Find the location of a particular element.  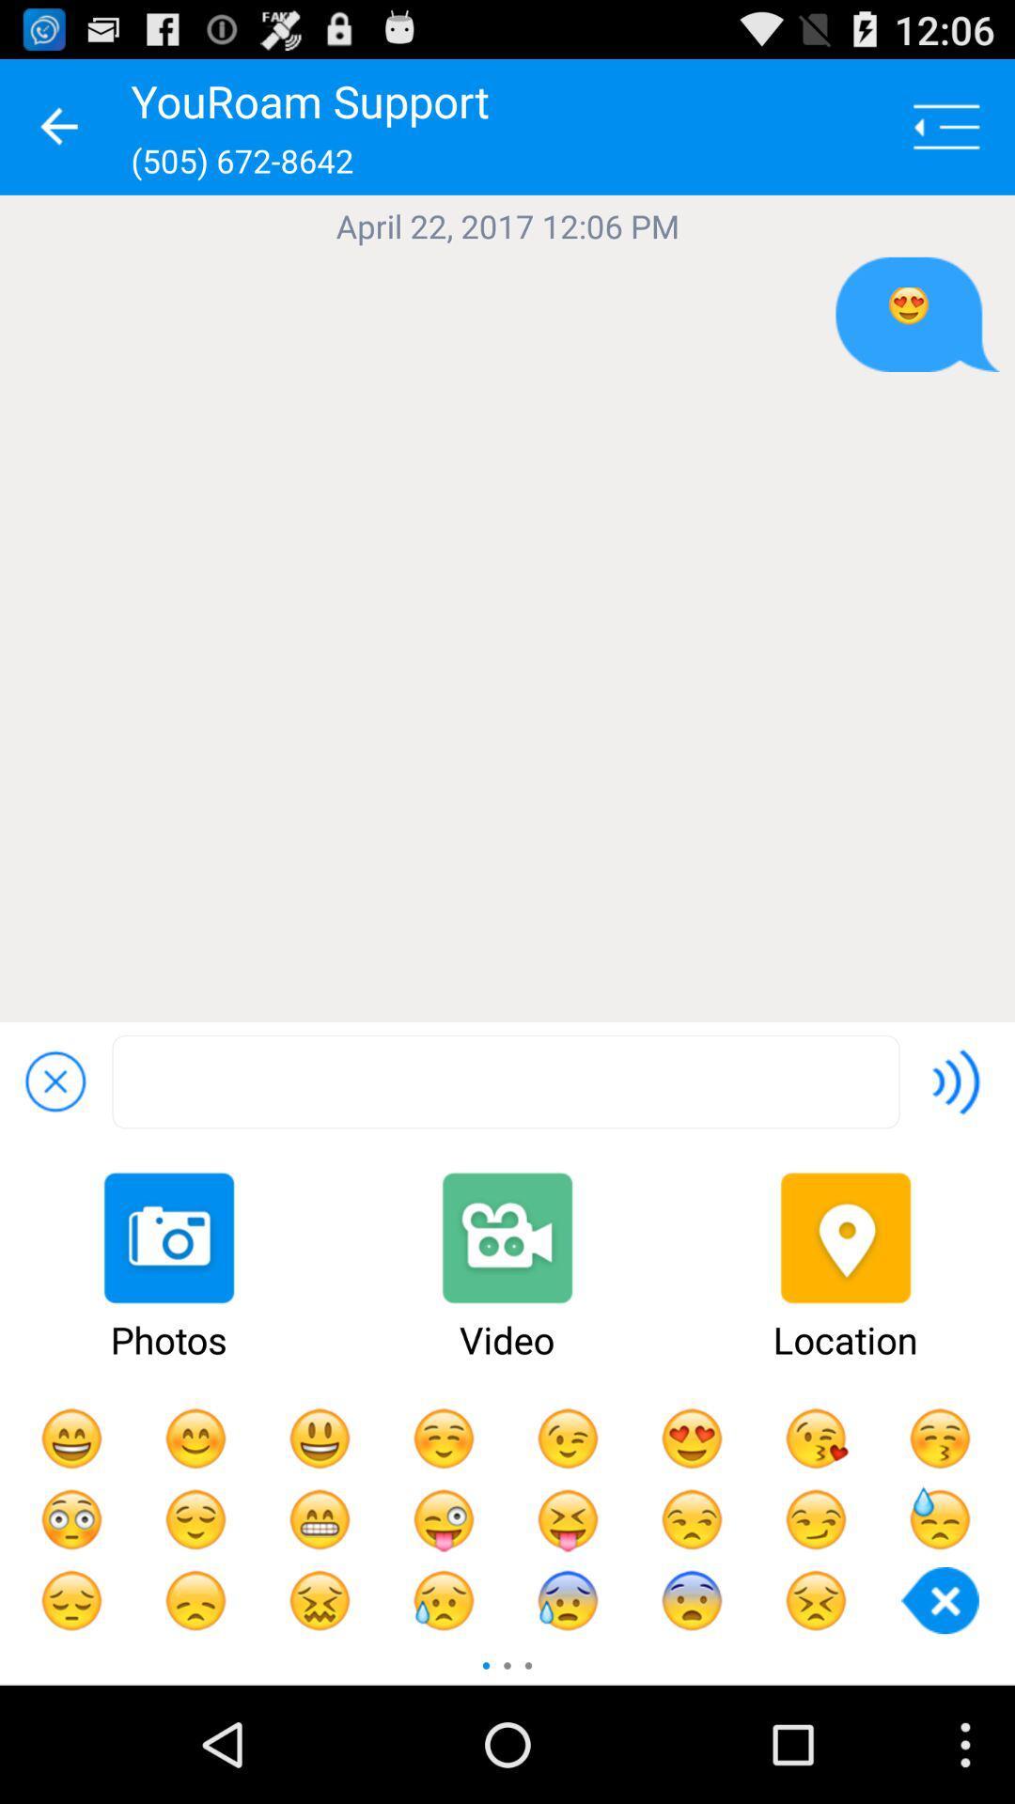

a place to enter text for a message is located at coordinates (505, 1081).